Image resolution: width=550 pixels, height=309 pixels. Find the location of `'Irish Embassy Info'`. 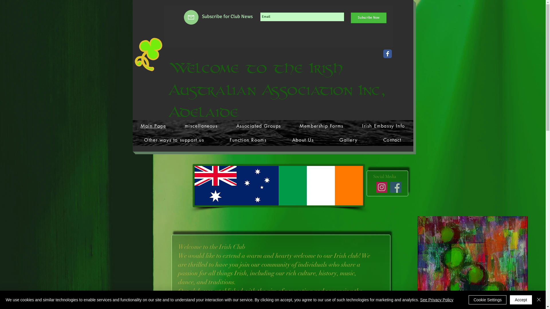

'Irish Embassy Info' is located at coordinates (383, 126).